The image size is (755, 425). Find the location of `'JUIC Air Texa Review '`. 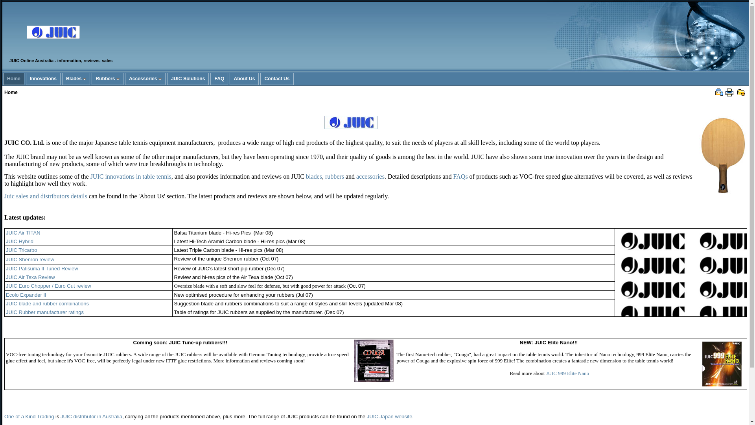

'JUIC Air Texa Review ' is located at coordinates (31, 277).